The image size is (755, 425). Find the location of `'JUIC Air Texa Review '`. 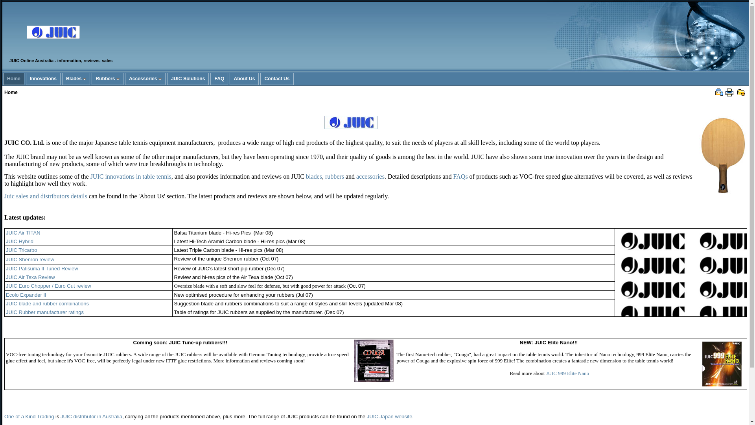

'JUIC Air Texa Review ' is located at coordinates (31, 277).